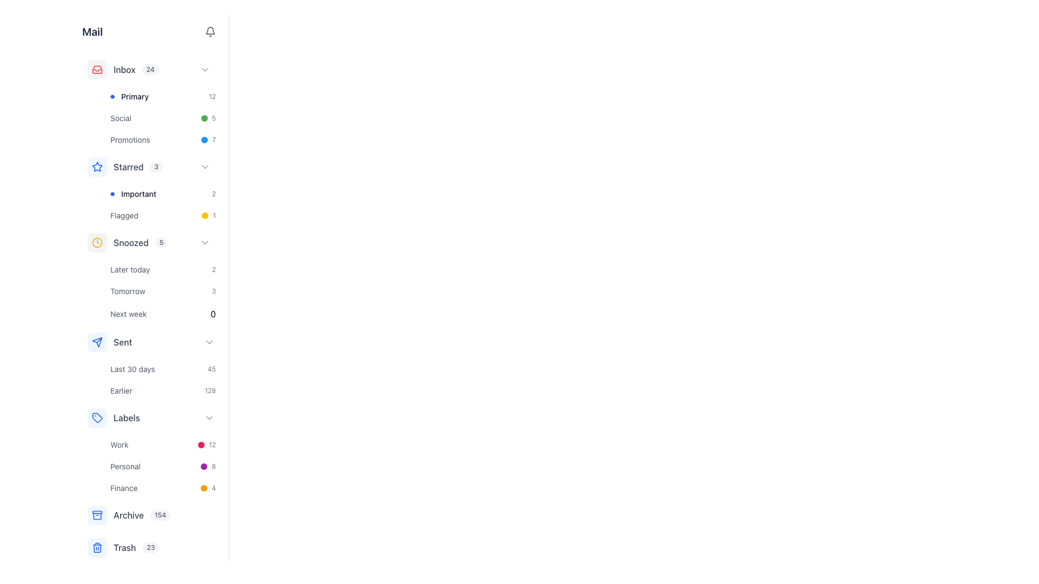  What do you see at coordinates (205, 215) in the screenshot?
I see `the small circular yellow indicator located in the left sidebar navigation panel, associated with the 'Important' label under the 'Starred' section, which appears to the left of the number '1'` at bounding box center [205, 215].